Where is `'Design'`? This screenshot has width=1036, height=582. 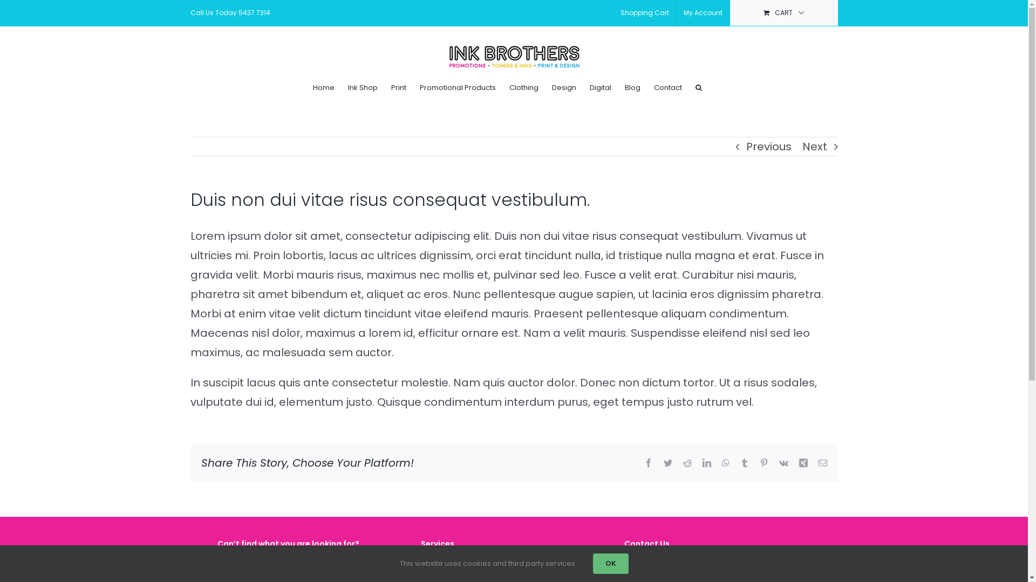
'Design' is located at coordinates (563, 87).